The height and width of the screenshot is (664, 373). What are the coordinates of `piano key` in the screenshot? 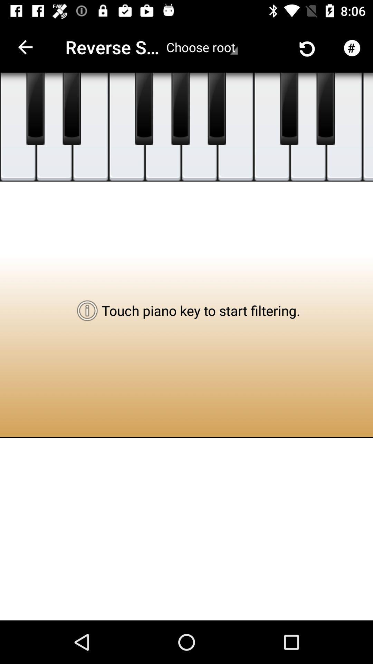 It's located at (325, 109).